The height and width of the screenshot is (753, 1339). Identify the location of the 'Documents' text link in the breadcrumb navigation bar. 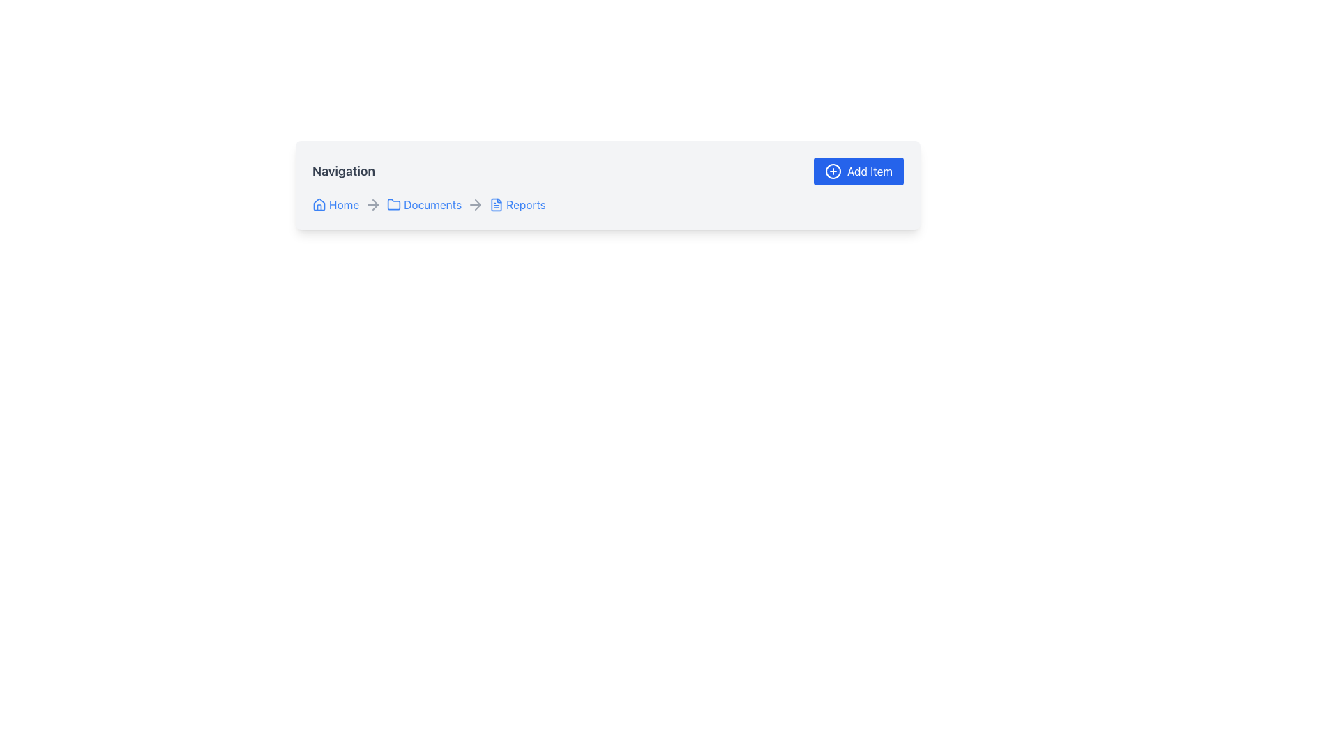
(432, 204).